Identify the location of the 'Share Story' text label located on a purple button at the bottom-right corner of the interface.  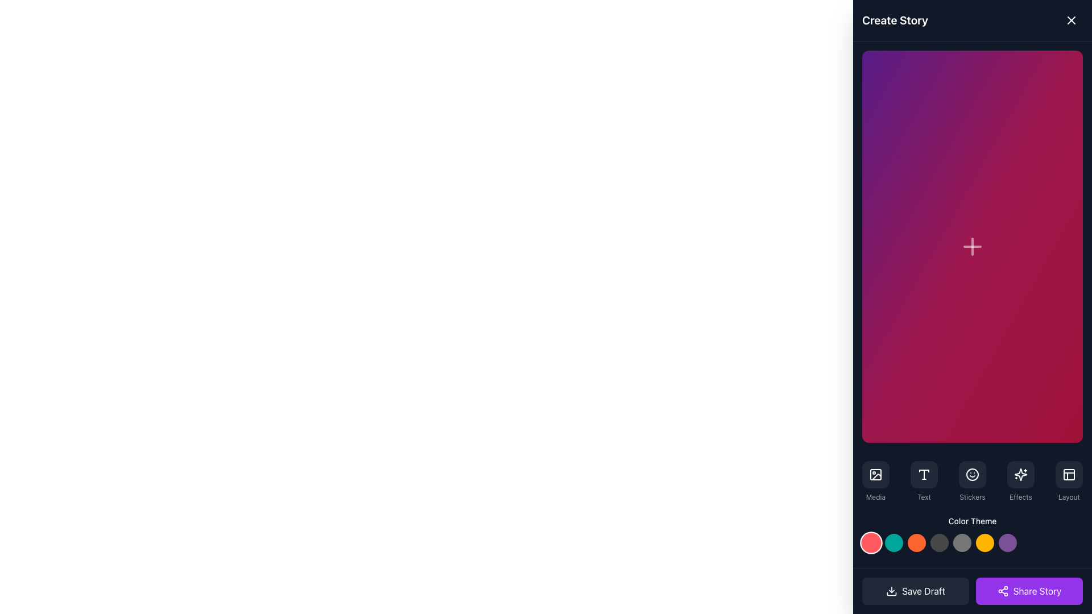
(1037, 591).